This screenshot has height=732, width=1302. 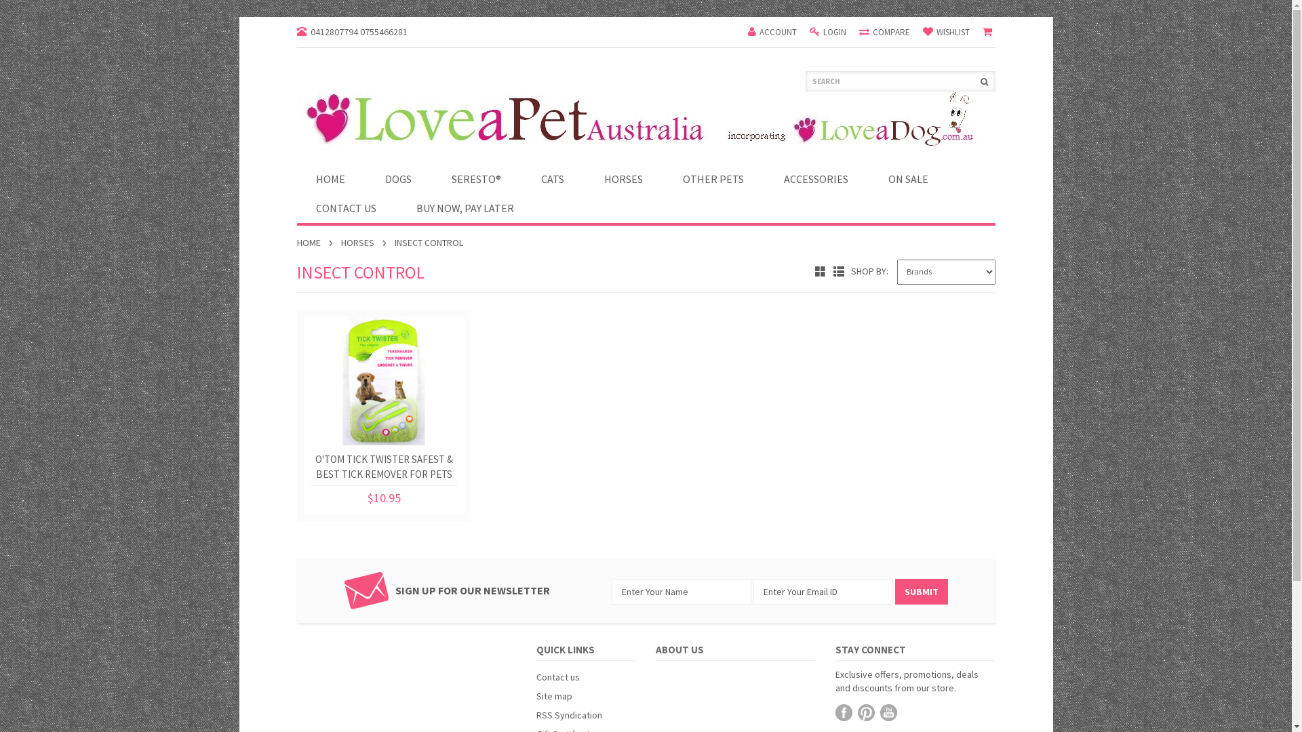 I want to click on 'Pinterest', so click(x=865, y=712).